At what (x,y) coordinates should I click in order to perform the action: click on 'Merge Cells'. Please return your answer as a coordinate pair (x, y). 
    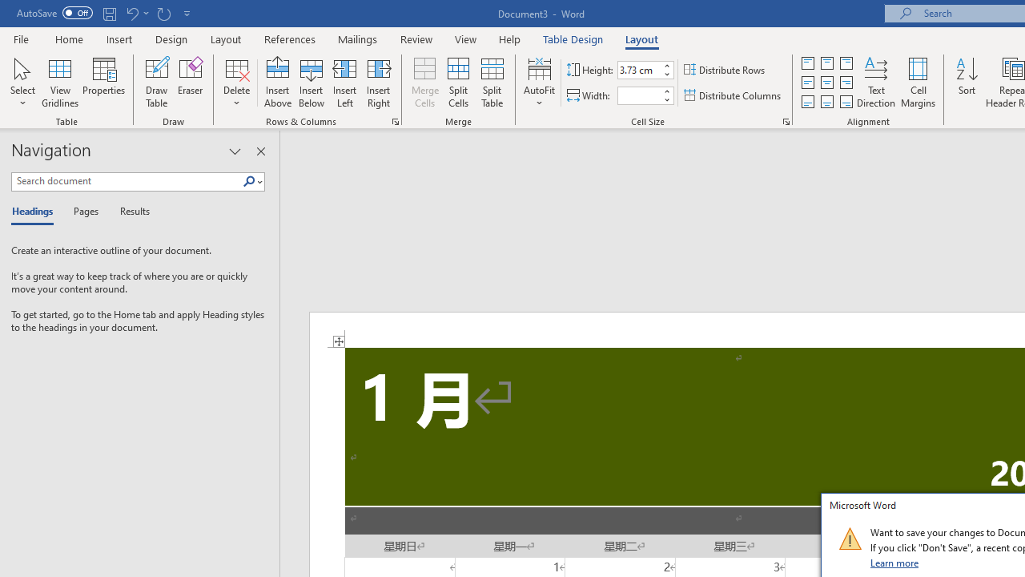
    Looking at the image, I should click on (424, 83).